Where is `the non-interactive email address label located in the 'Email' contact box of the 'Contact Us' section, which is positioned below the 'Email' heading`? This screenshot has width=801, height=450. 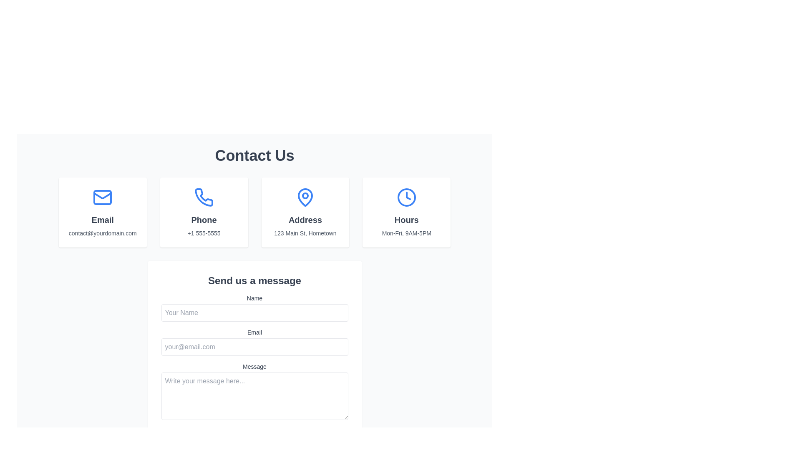 the non-interactive email address label located in the 'Email' contact box of the 'Contact Us' section, which is positioned below the 'Email' heading is located at coordinates (102, 233).